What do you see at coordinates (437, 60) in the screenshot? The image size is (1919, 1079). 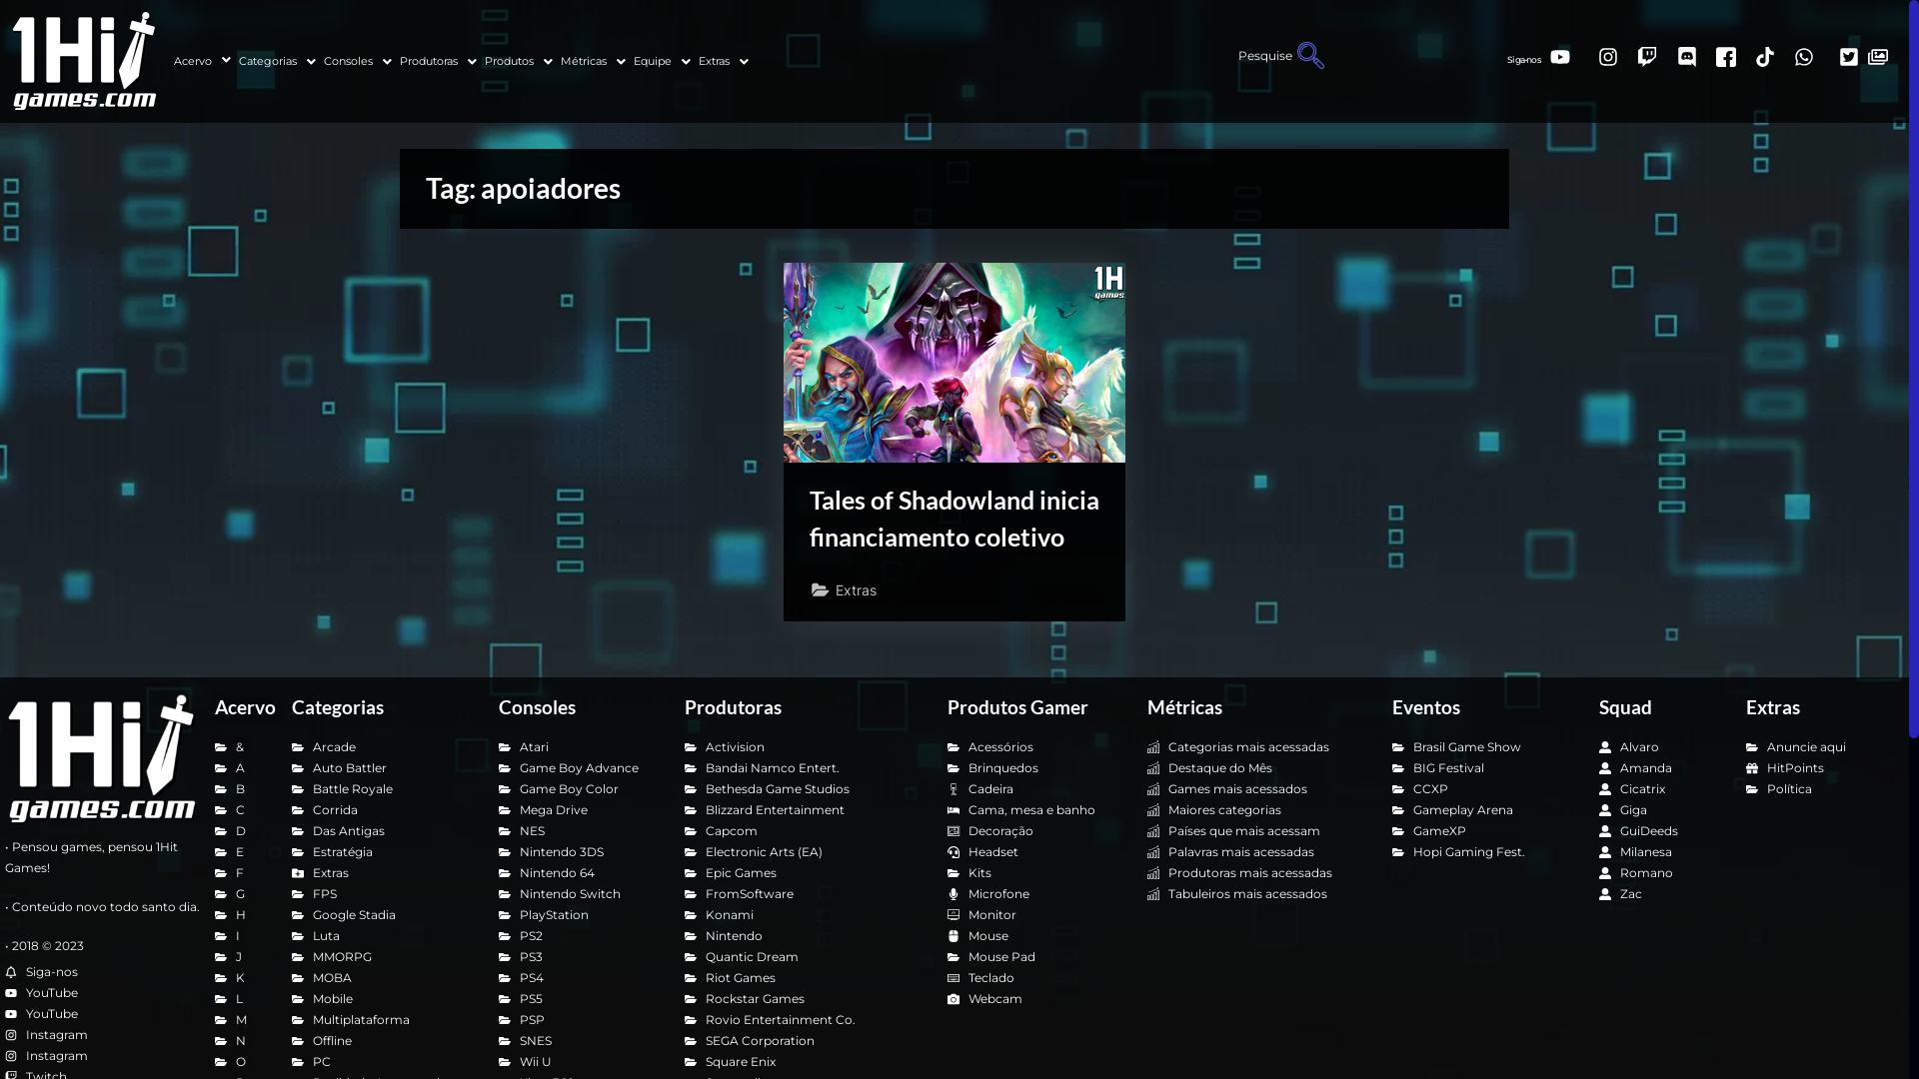 I see `'Produtoras'` at bounding box center [437, 60].